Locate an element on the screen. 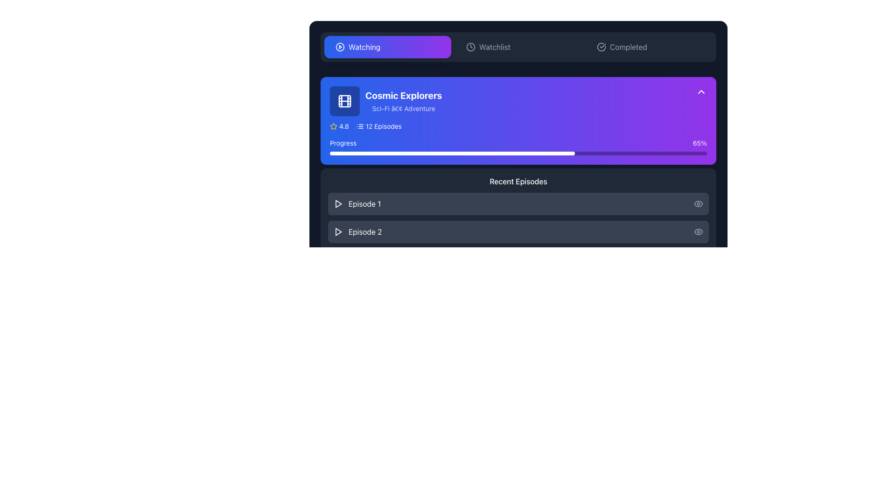 The height and width of the screenshot is (504, 896). the average rating score text label located in the 'Cosmic Explorers' group within the blue card, positioned to the right of the yellow star icon is located at coordinates (343, 126).